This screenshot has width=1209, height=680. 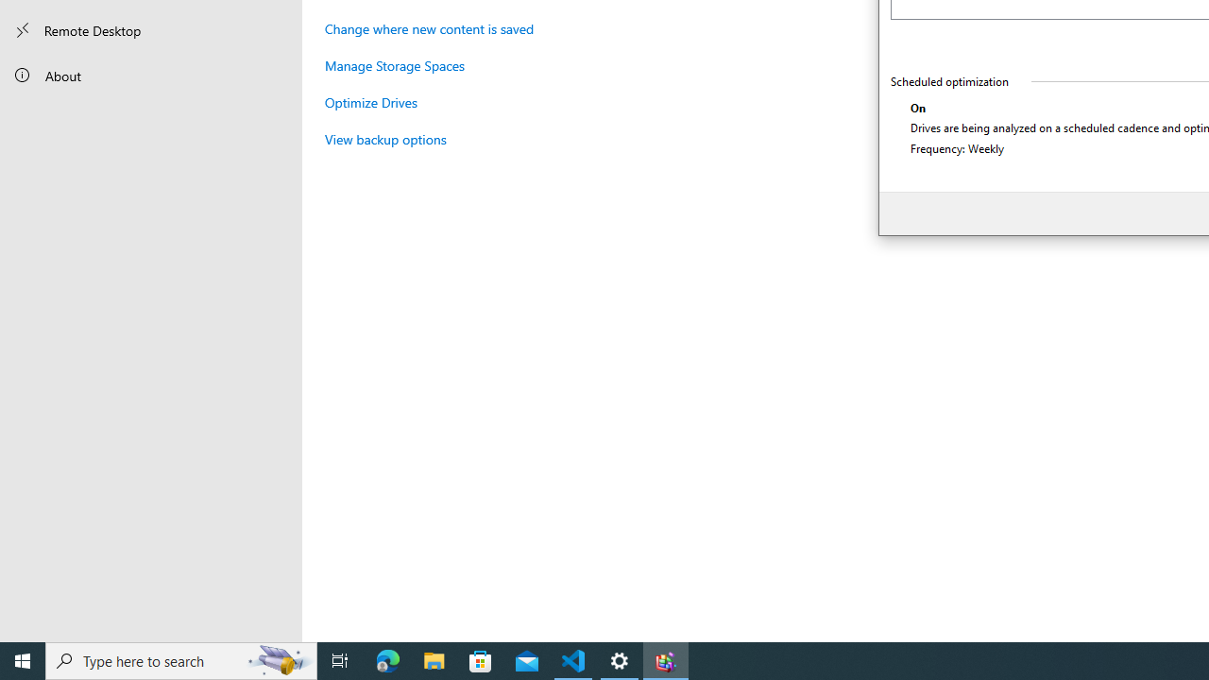 I want to click on 'Task View', so click(x=339, y=659).